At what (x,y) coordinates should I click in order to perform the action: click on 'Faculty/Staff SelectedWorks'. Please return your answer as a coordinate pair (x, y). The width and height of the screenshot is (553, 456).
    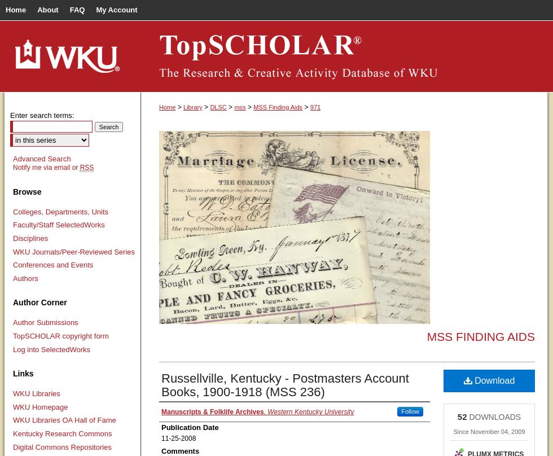
    Looking at the image, I should click on (58, 224).